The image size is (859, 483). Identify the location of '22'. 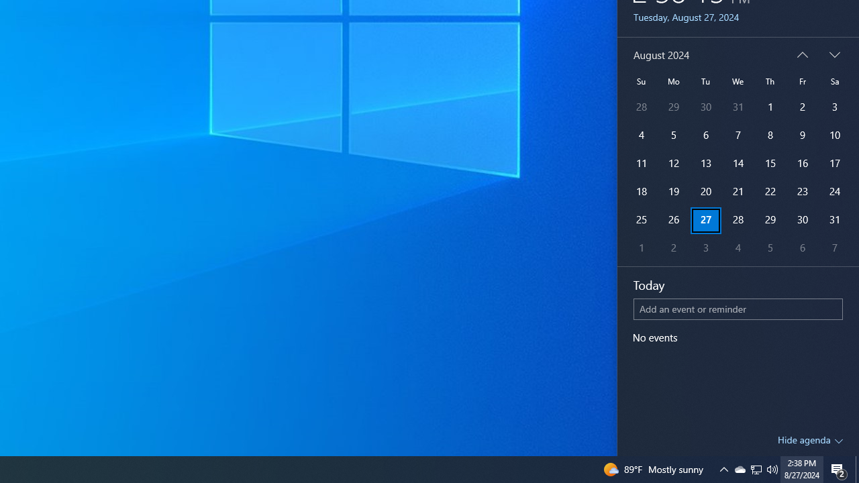
(737, 192).